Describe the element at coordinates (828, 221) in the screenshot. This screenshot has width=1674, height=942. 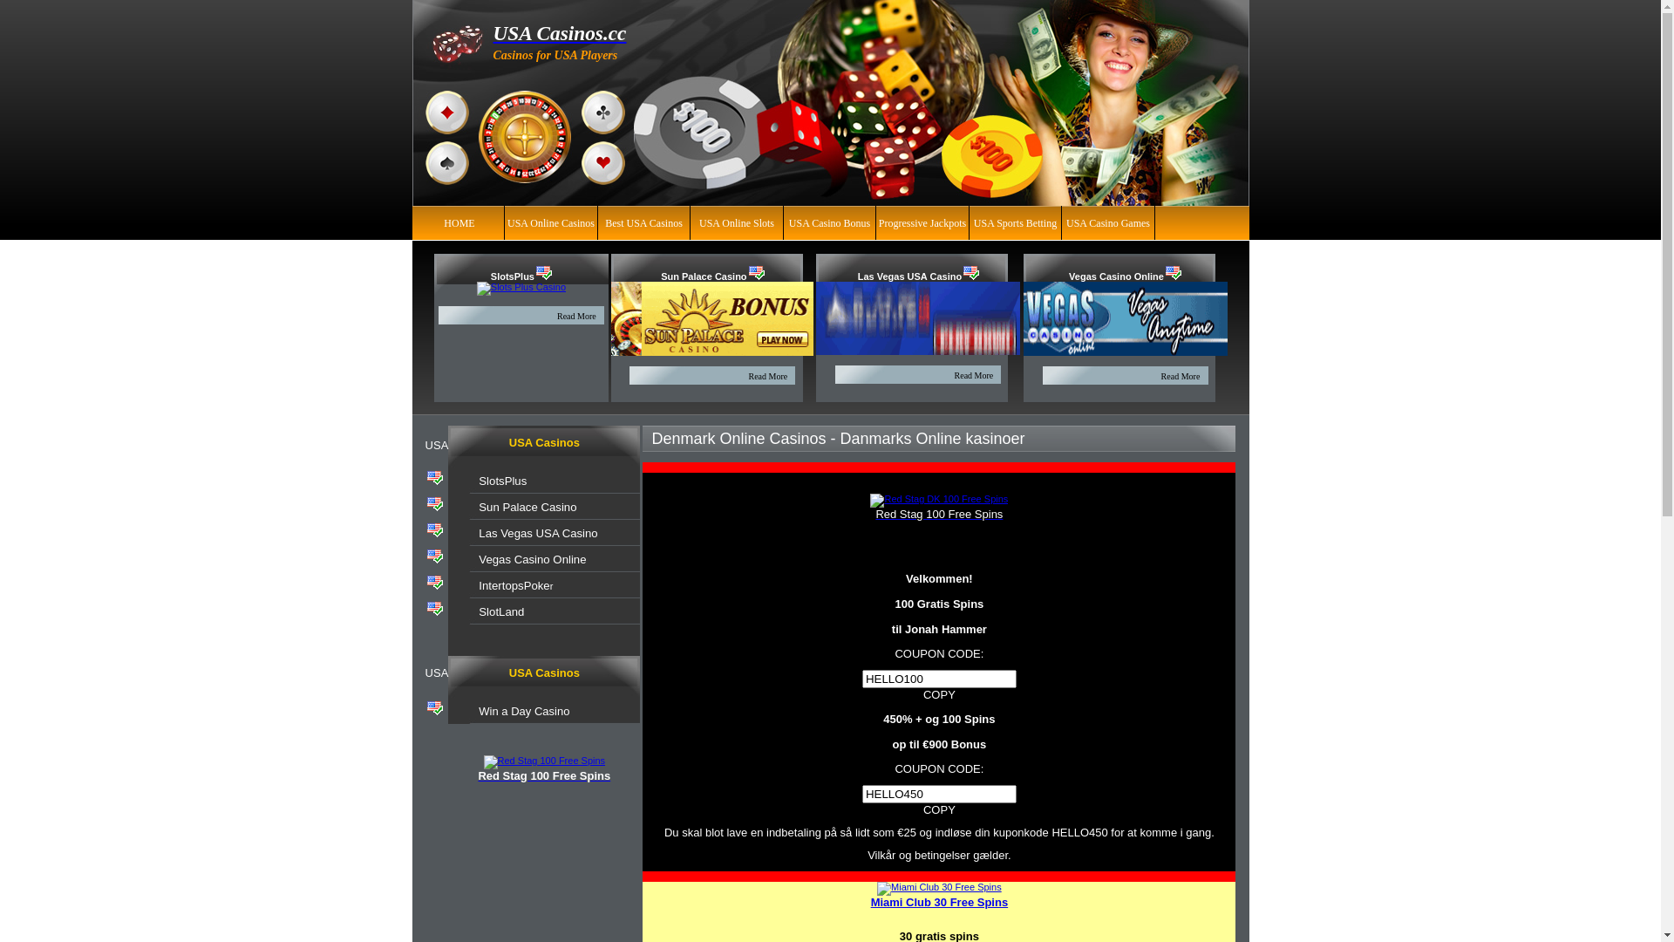
I see `'USA Casino Bonus'` at that location.